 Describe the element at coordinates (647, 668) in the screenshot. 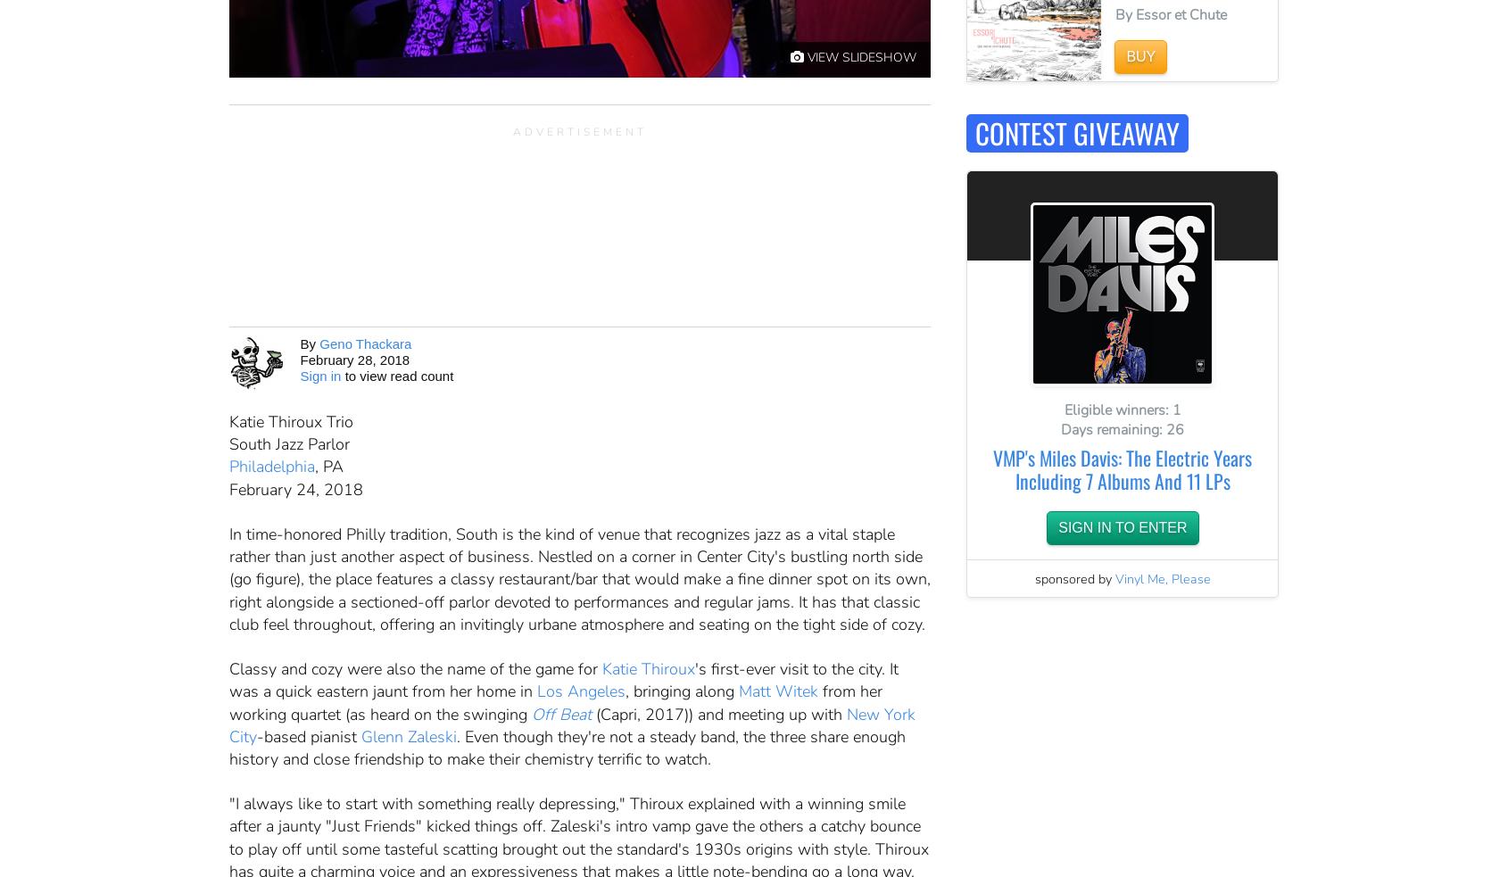

I see `'Katie Thiroux'` at that location.